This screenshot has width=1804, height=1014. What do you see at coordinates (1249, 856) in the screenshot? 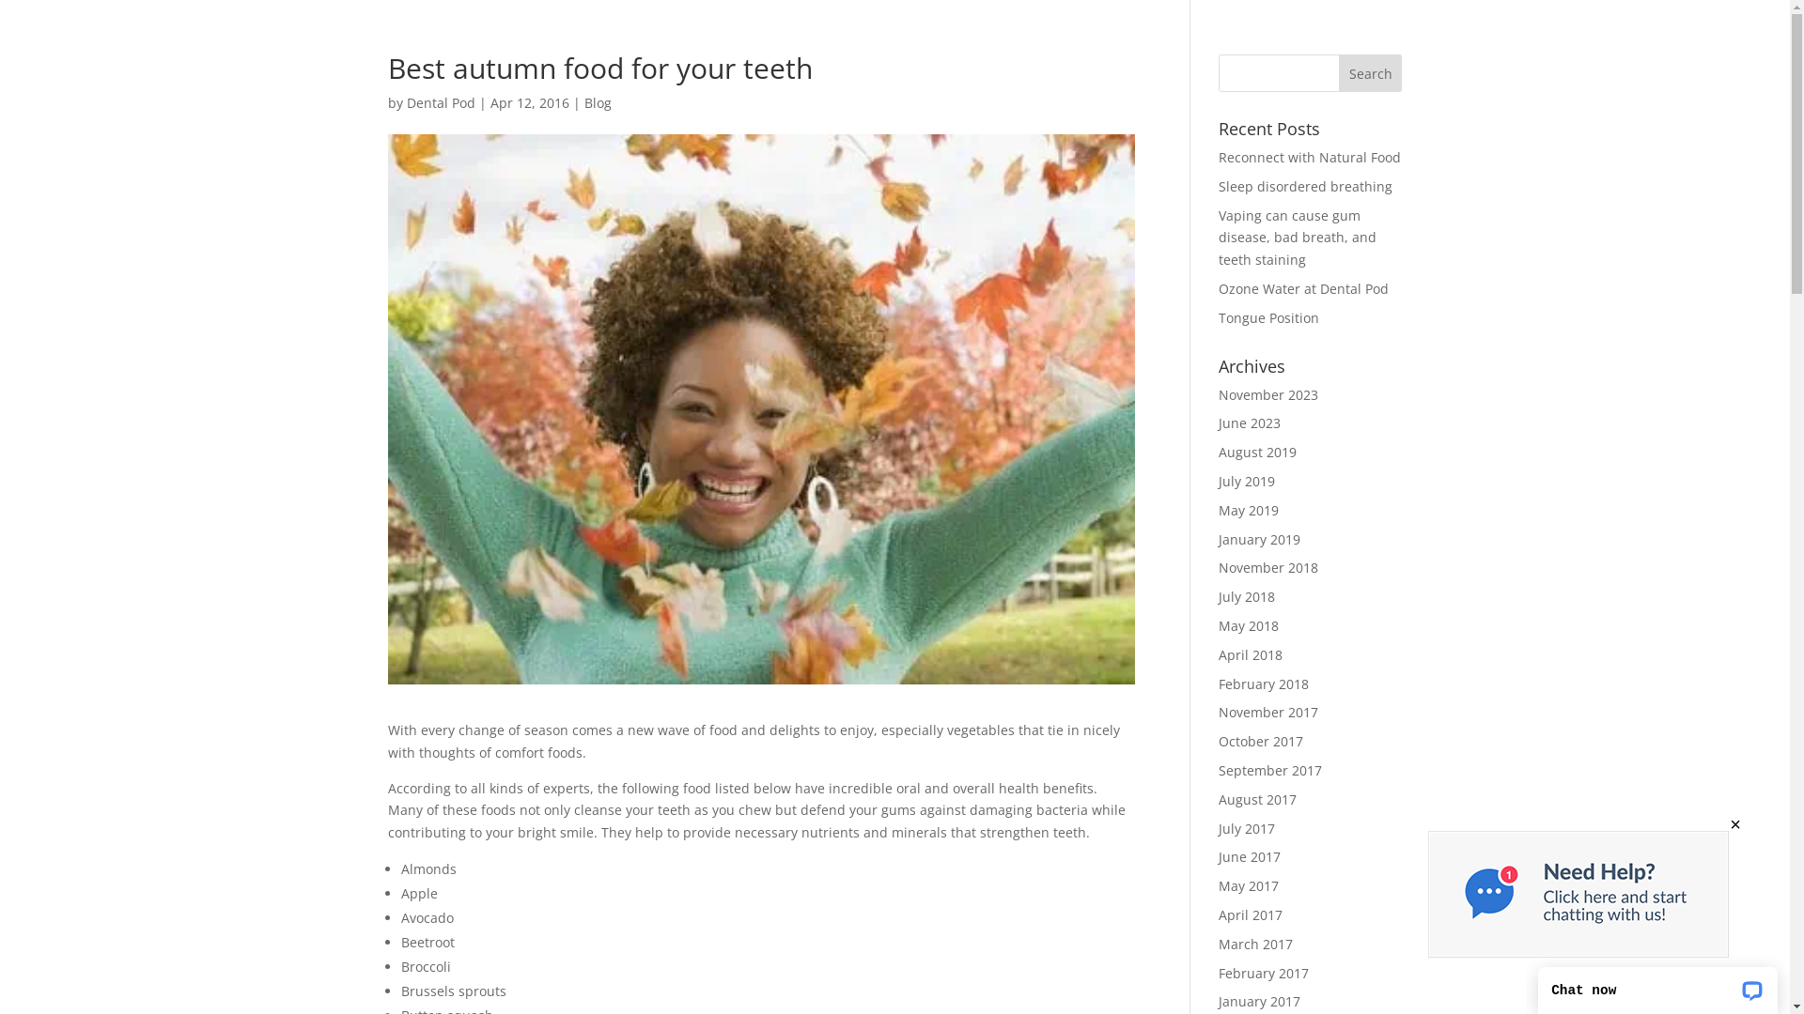
I see `'June 2017'` at bounding box center [1249, 856].